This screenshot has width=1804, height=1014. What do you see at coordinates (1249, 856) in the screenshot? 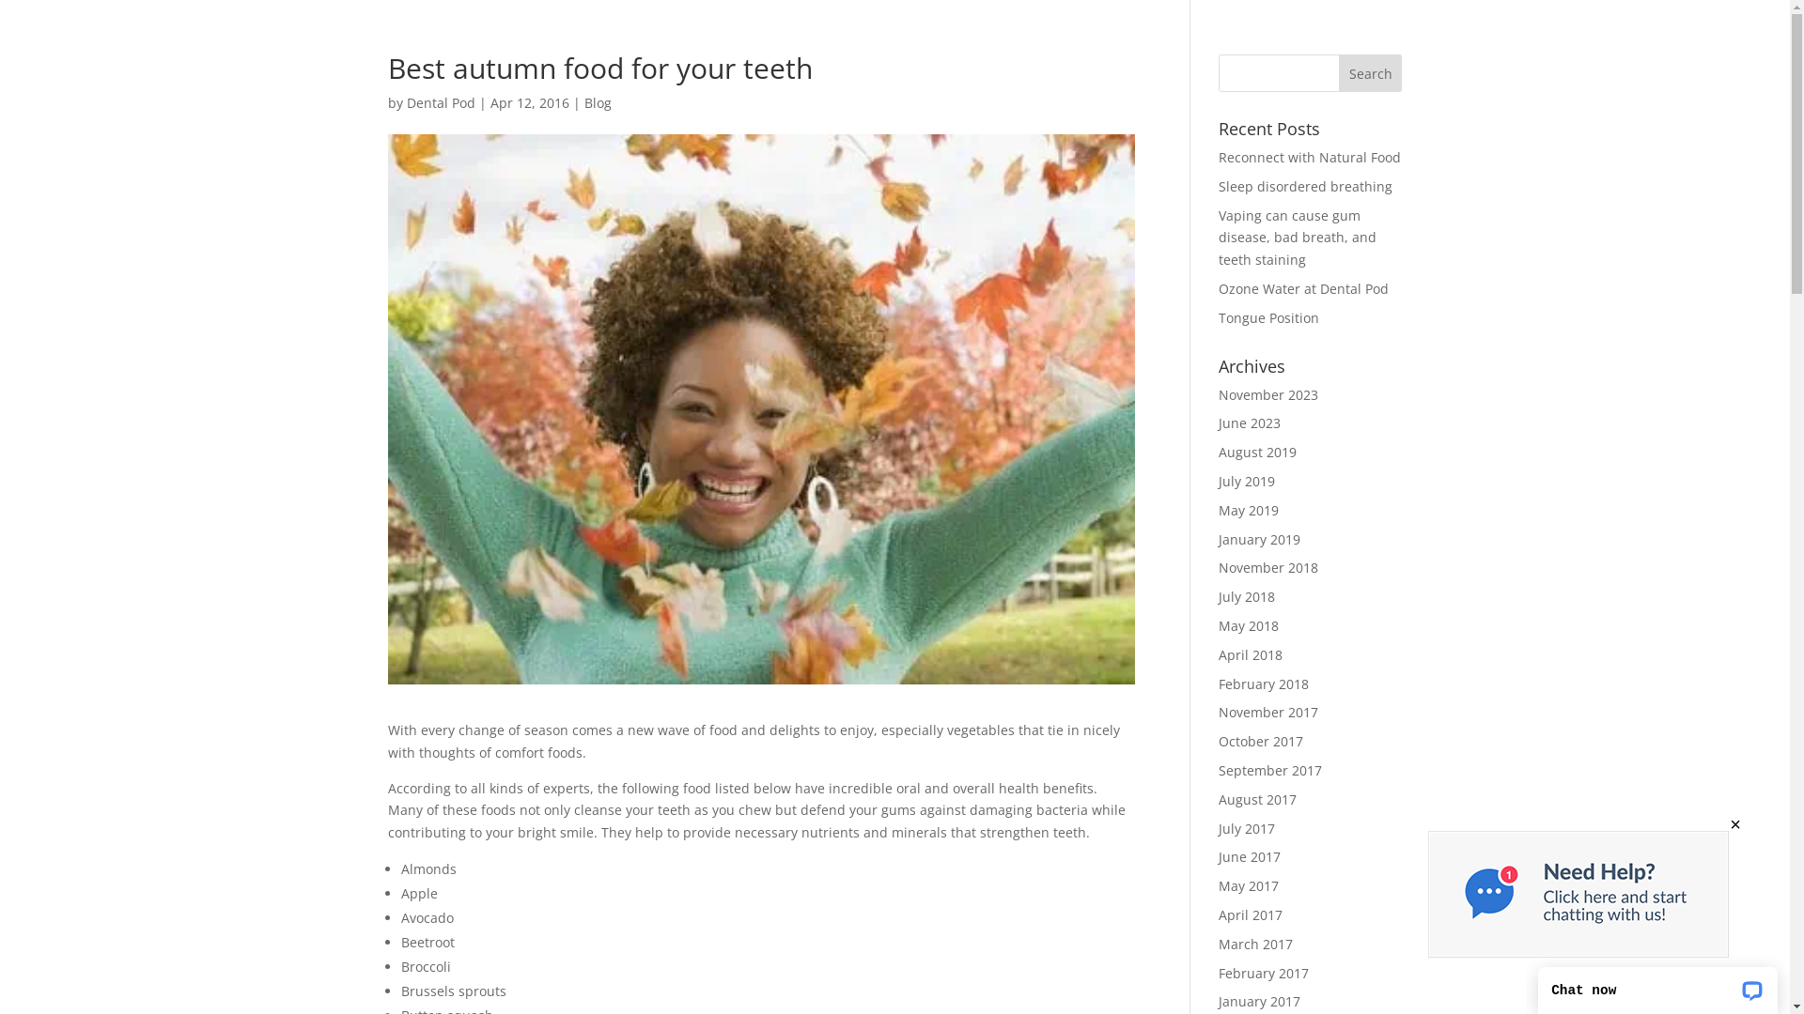
I see `'June 2017'` at bounding box center [1249, 856].